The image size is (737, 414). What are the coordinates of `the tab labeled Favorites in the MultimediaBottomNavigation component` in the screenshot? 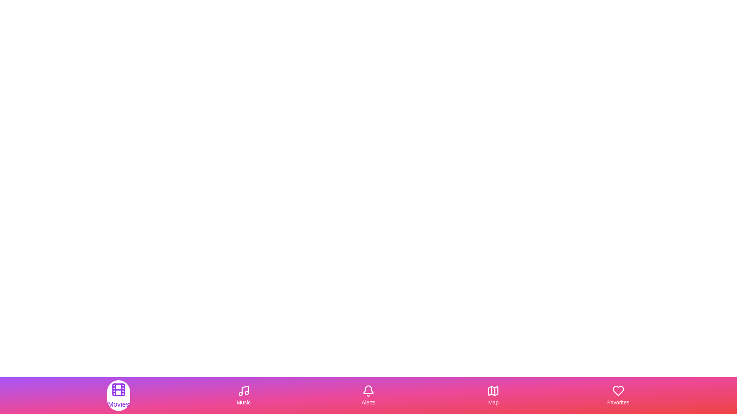 It's located at (618, 396).